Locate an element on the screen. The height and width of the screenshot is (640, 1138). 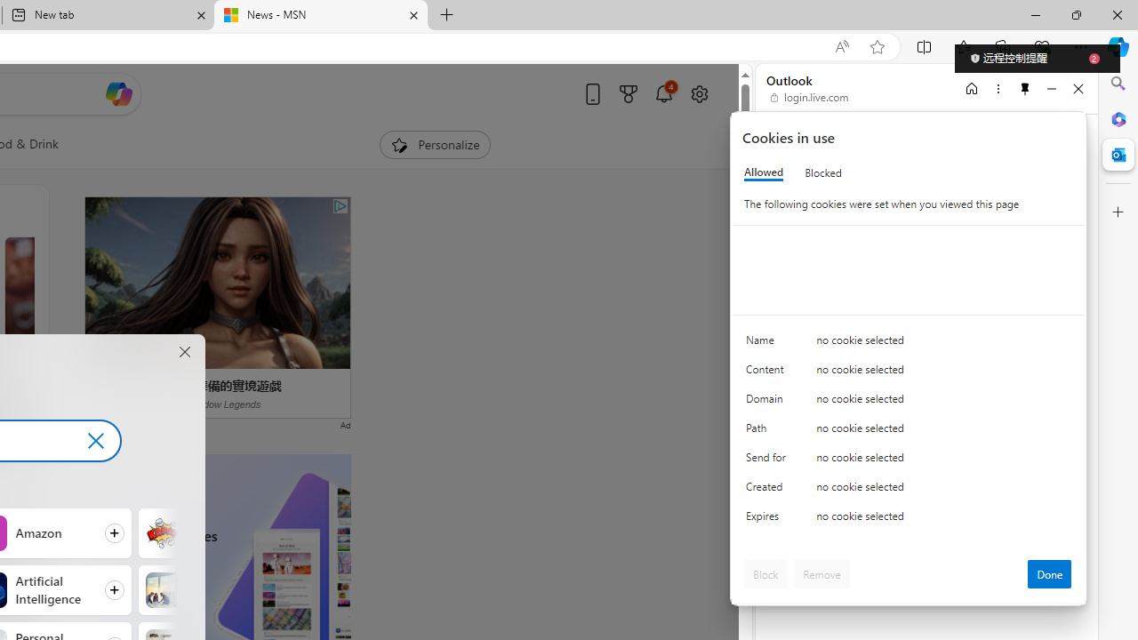
'Collections' is located at coordinates (1003, 45).